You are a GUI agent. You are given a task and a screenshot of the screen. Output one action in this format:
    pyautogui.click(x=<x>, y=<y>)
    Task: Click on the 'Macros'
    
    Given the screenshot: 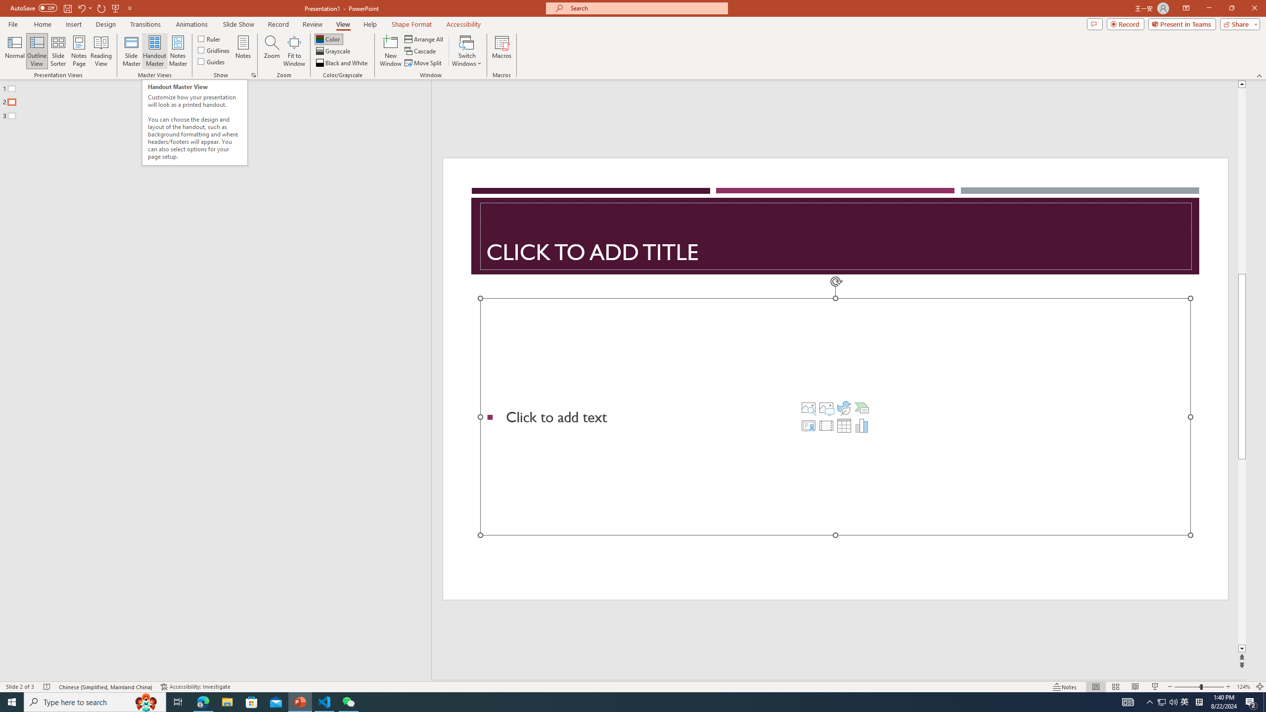 What is the action you would take?
    pyautogui.click(x=502, y=51)
    